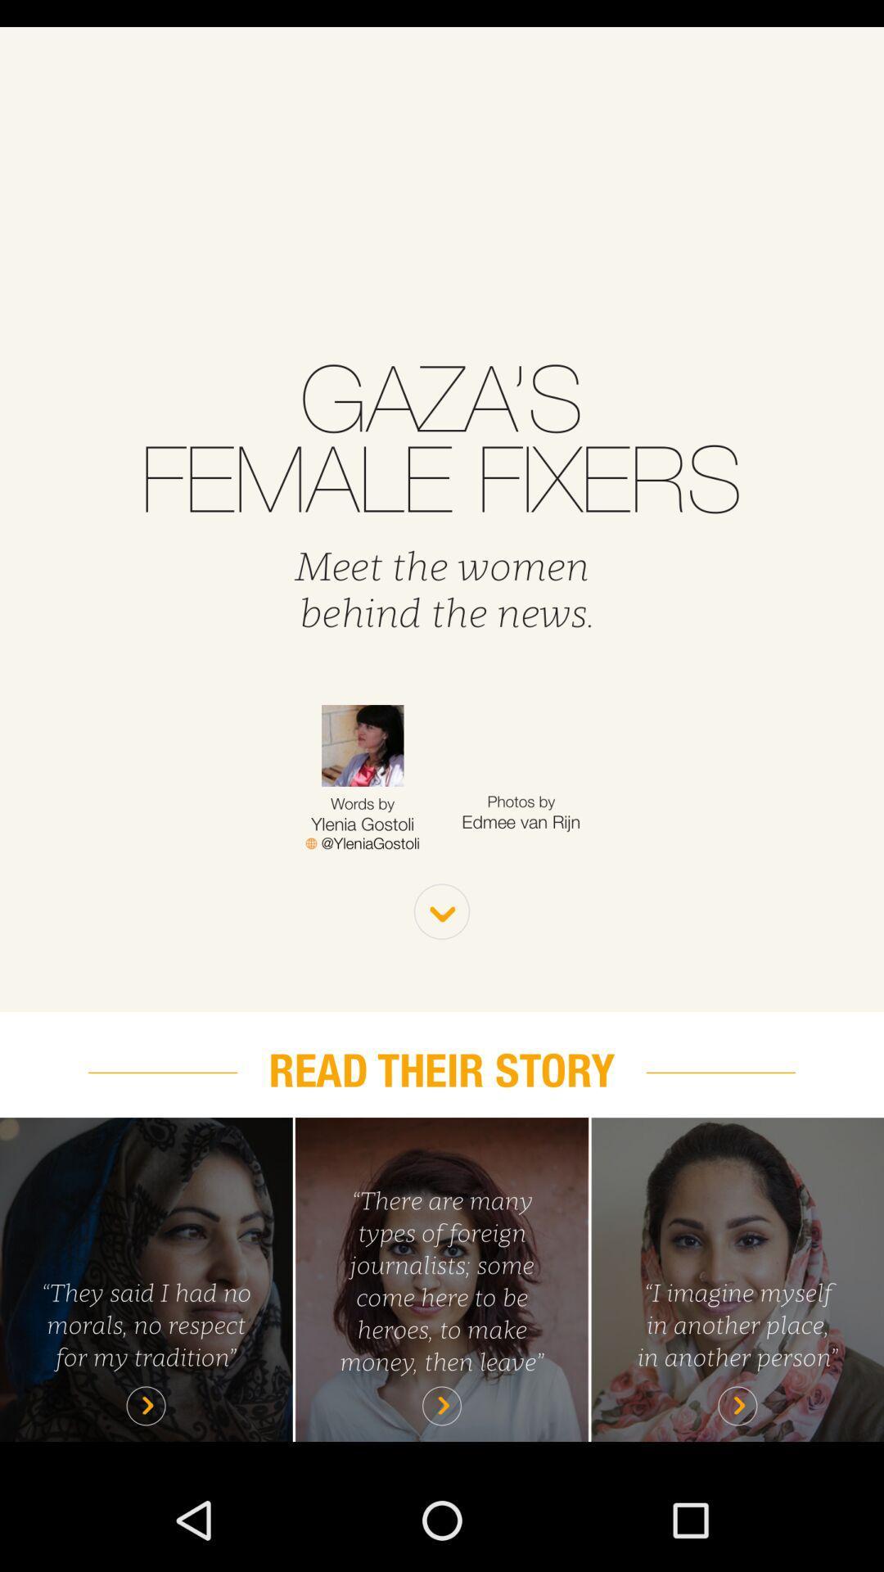  What do you see at coordinates (442, 1278) in the screenshot?
I see `read story` at bounding box center [442, 1278].